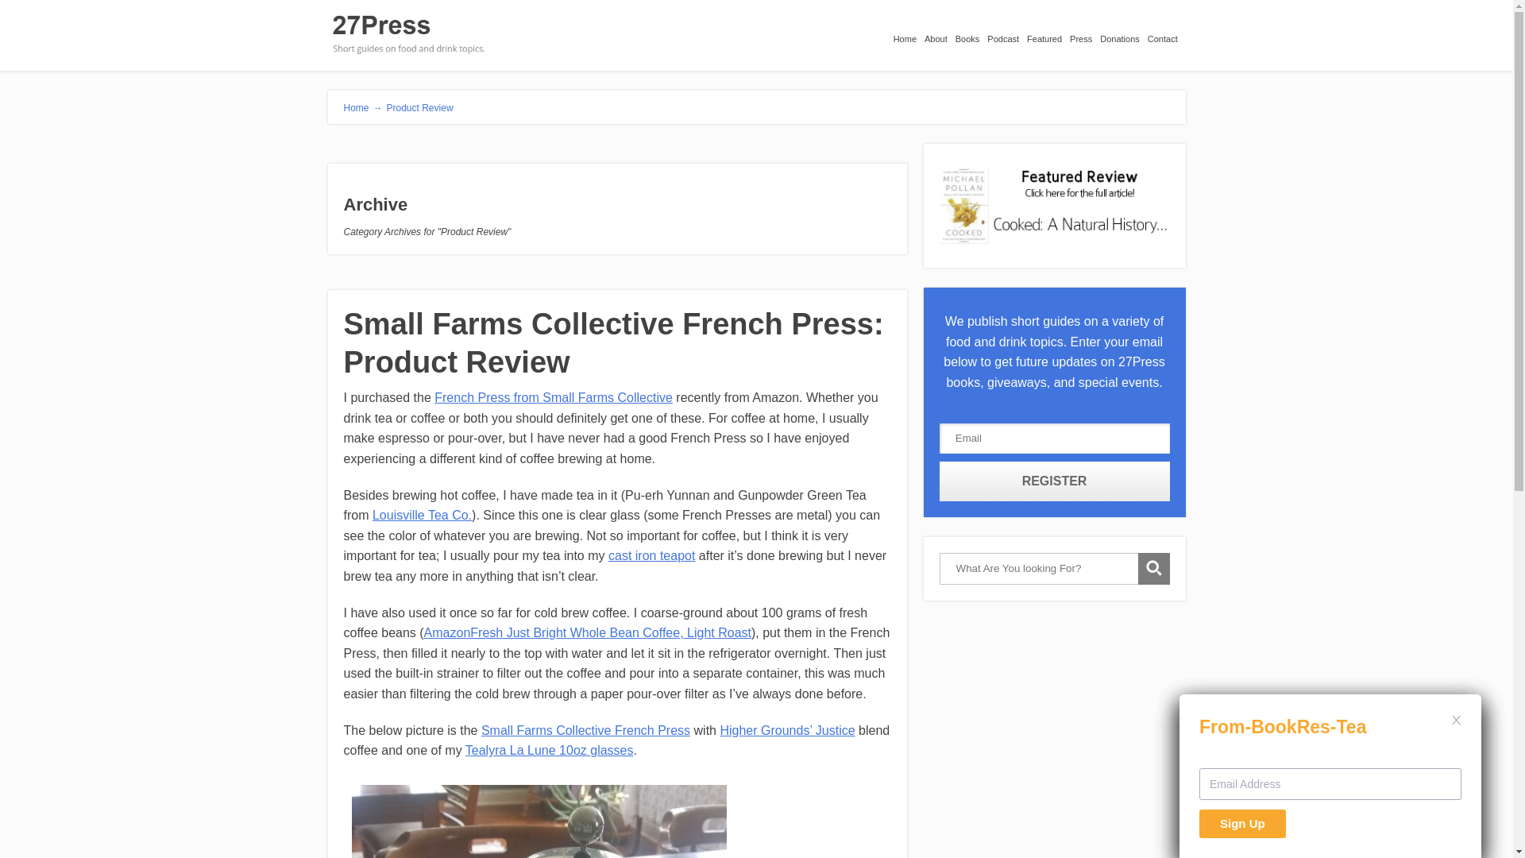  I want to click on 'Tealyra La Lune 10oz glasses', so click(549, 750).